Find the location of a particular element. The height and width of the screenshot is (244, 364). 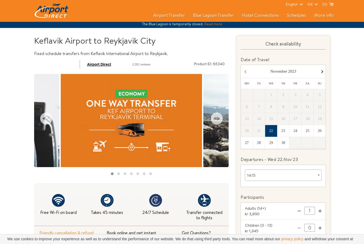

'21' is located at coordinates (257, 130).